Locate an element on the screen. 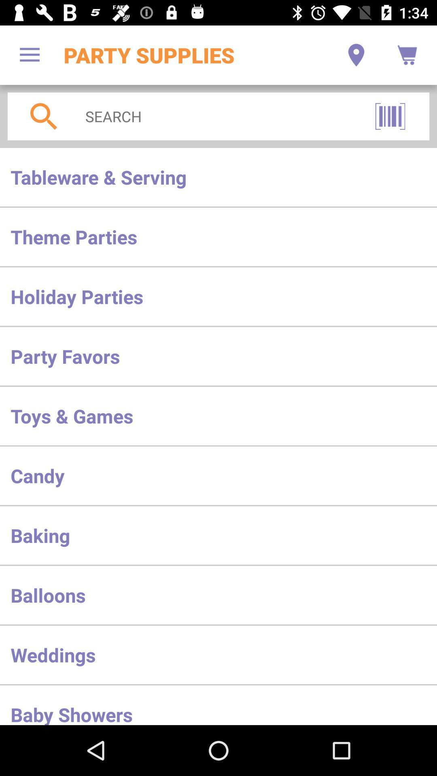 This screenshot has height=776, width=437. icon above toys & games icon is located at coordinates (218, 356).